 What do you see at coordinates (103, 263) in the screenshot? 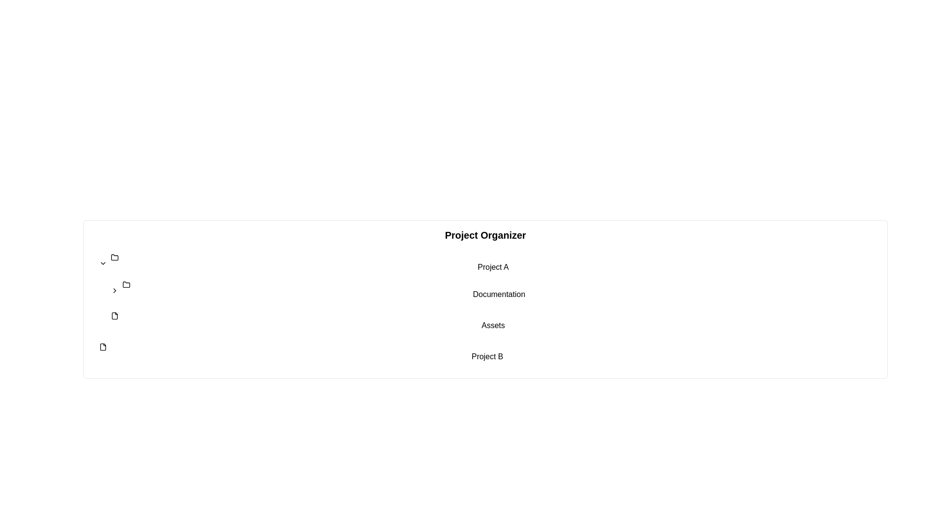
I see `the small downward-facing chevron icon next to the text 'Project A'` at bounding box center [103, 263].